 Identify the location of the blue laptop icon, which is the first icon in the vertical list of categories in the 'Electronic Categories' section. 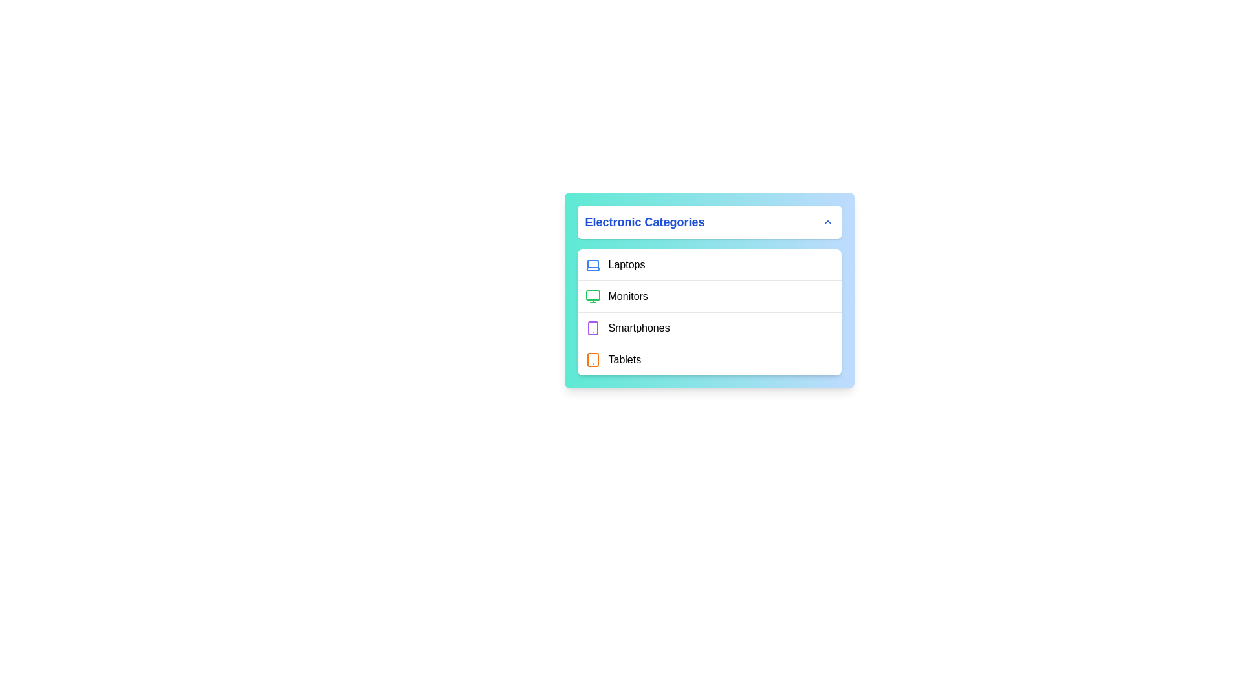
(592, 264).